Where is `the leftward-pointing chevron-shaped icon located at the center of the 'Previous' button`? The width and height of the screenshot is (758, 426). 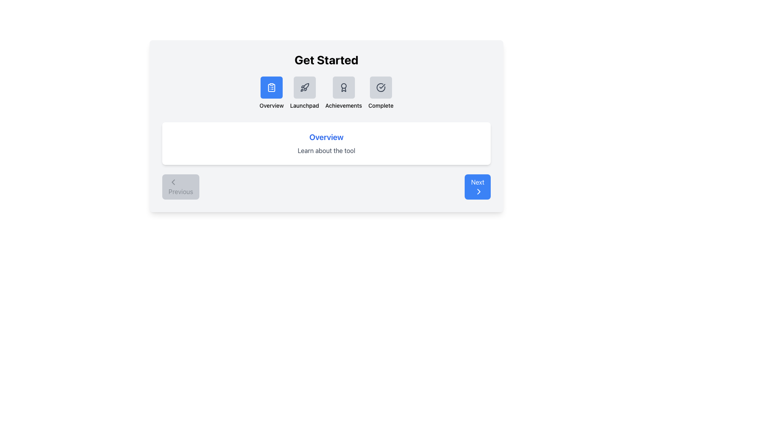
the leftward-pointing chevron-shaped icon located at the center of the 'Previous' button is located at coordinates (173, 182).